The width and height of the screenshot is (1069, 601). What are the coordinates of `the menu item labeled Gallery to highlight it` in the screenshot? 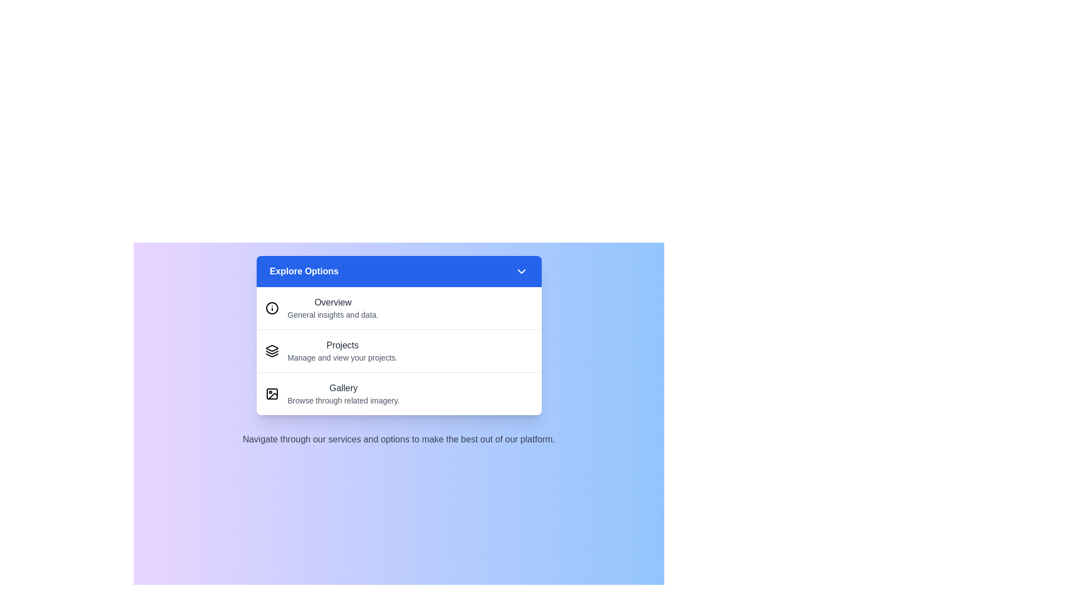 It's located at (399, 393).